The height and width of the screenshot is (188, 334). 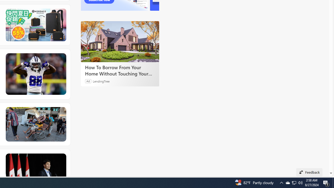 I want to click on 'Feedback', so click(x=309, y=172).